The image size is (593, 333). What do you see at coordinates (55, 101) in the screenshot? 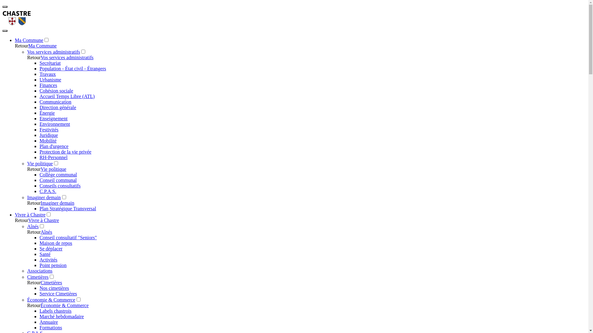
I see `'Communication'` at bounding box center [55, 101].